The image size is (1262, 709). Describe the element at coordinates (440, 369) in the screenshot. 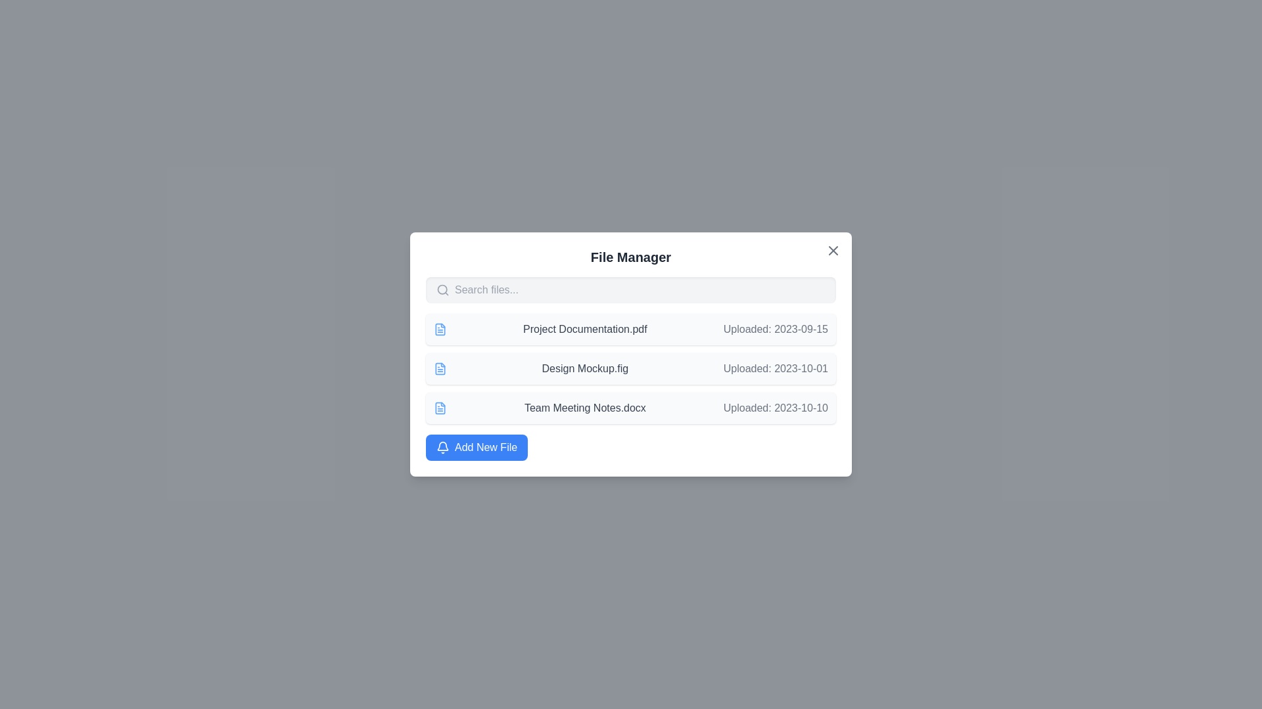

I see `the document file icon representing 'Design Mockup.fig'` at that location.